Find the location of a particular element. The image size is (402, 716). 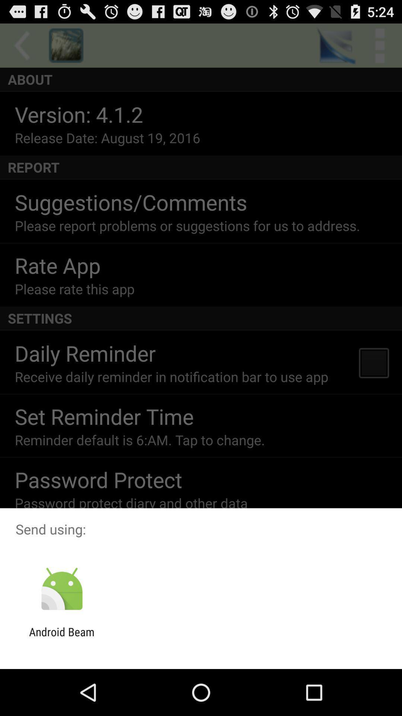

android beam is located at coordinates (61, 638).